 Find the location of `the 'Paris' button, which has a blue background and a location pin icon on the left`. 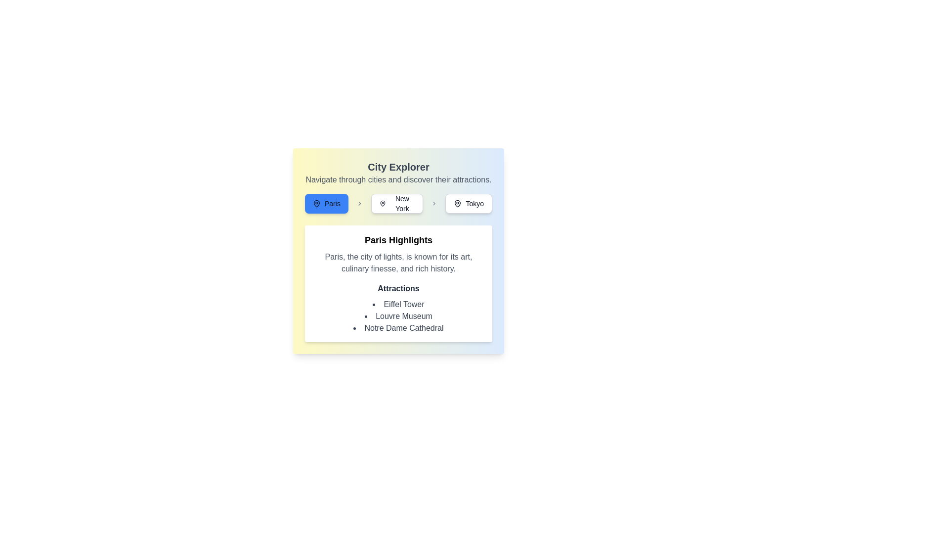

the 'Paris' button, which has a blue background and a location pin icon on the left is located at coordinates (326, 203).